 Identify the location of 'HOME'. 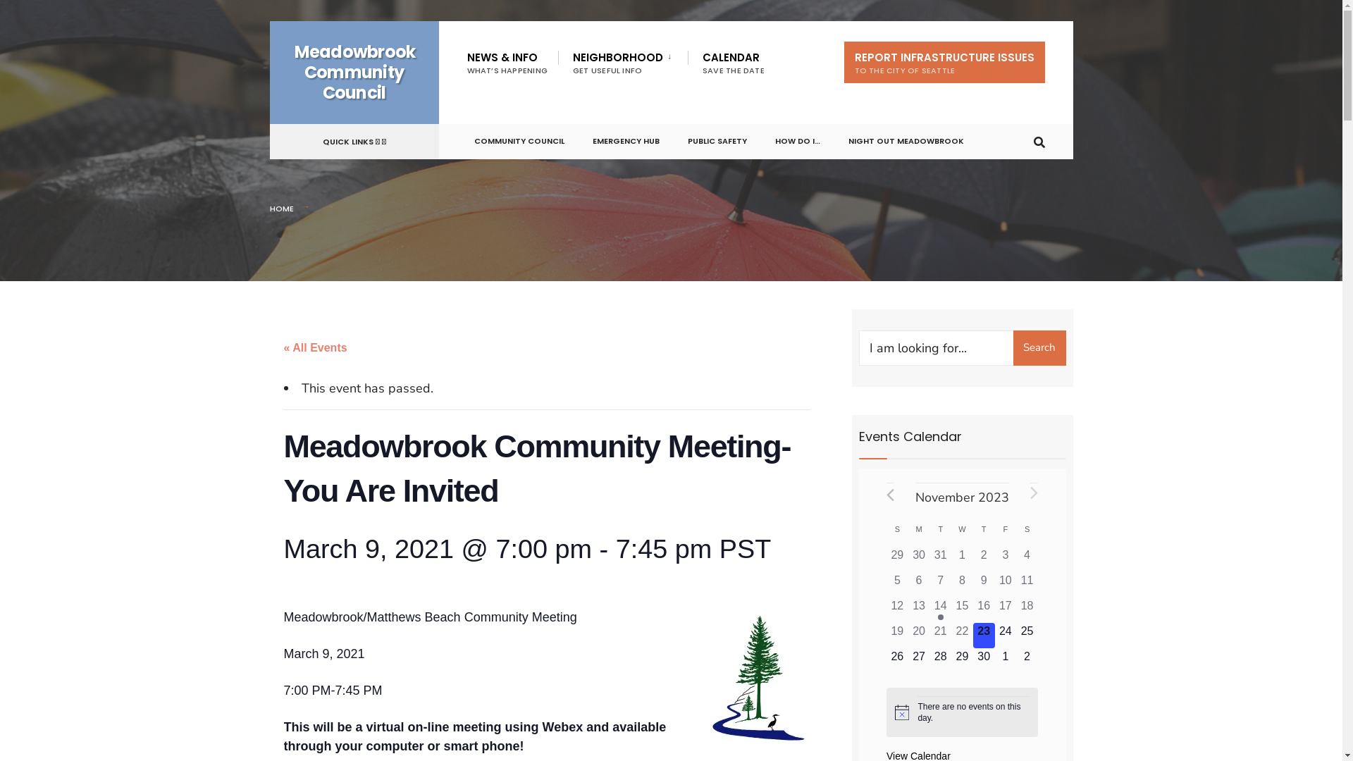
(280, 209).